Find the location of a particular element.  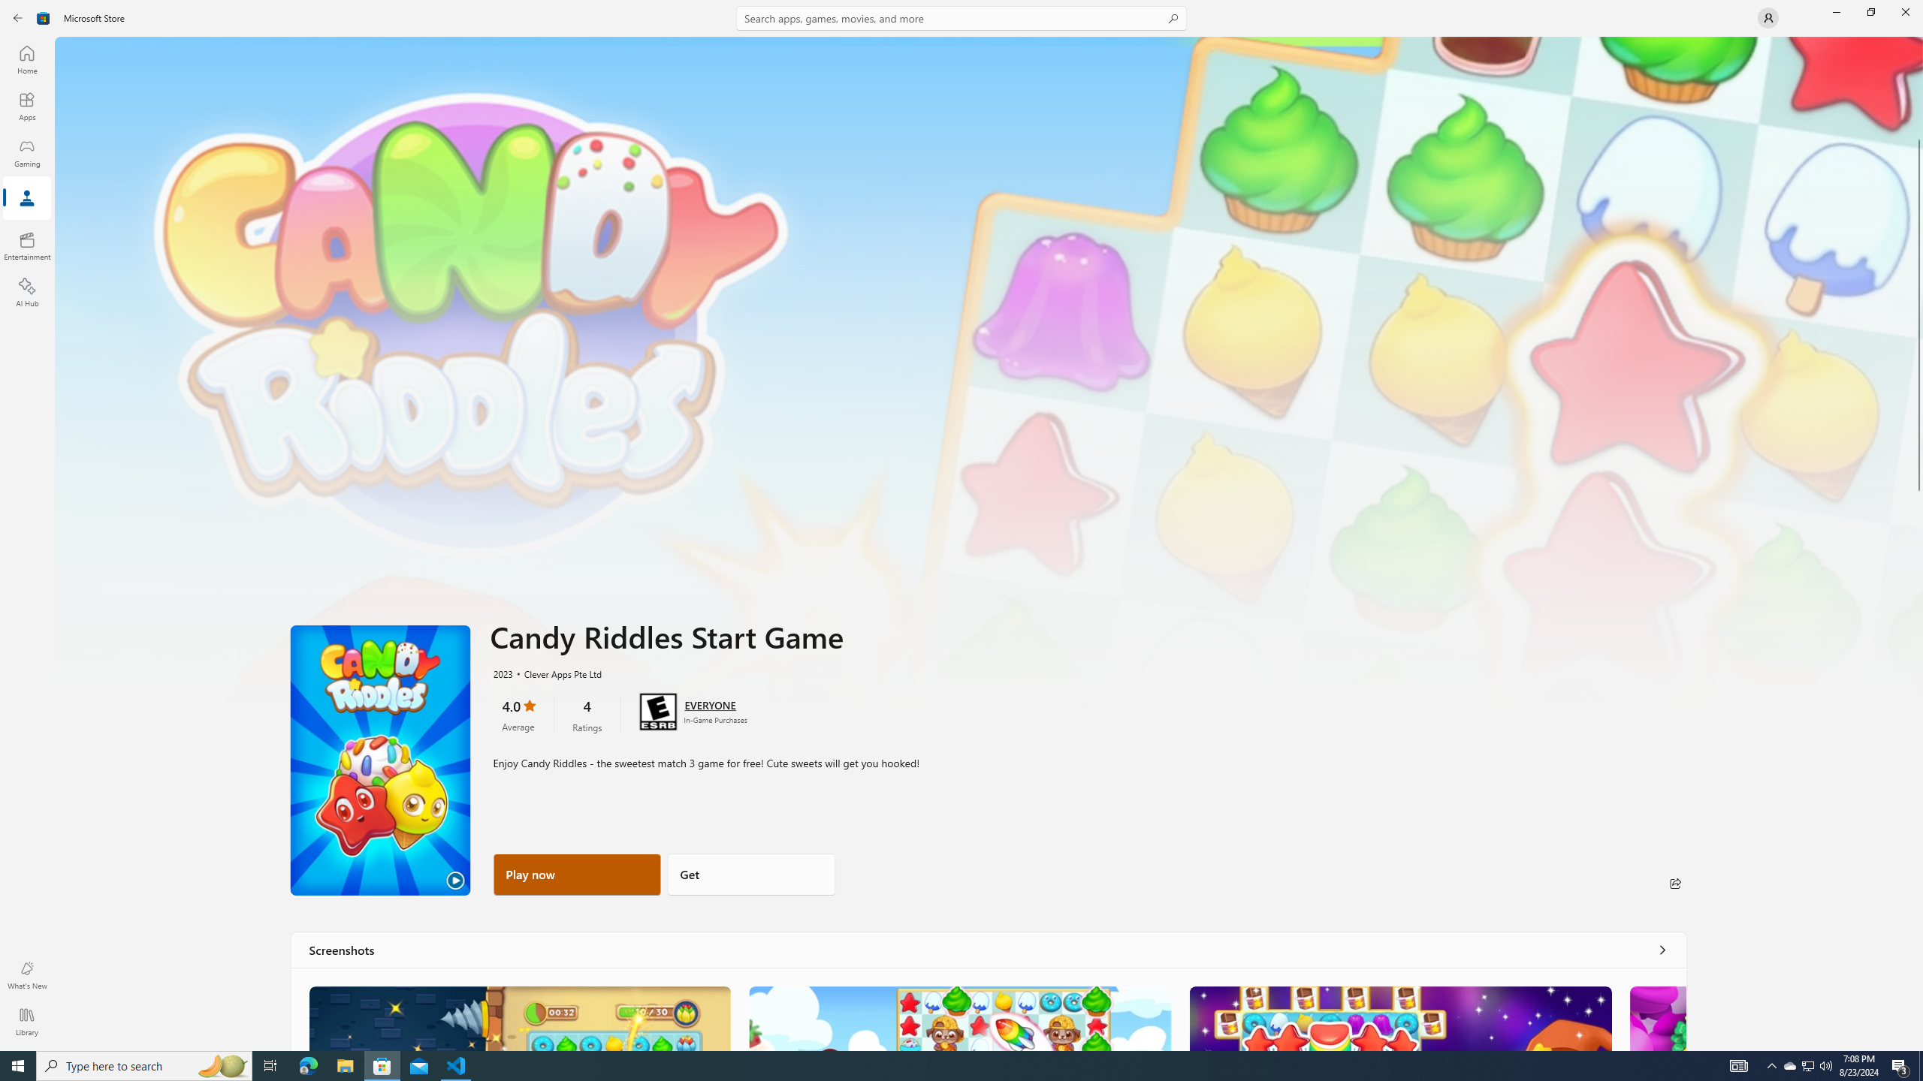

'Age rating: EVERYONE. Click for more information.' is located at coordinates (708, 704).